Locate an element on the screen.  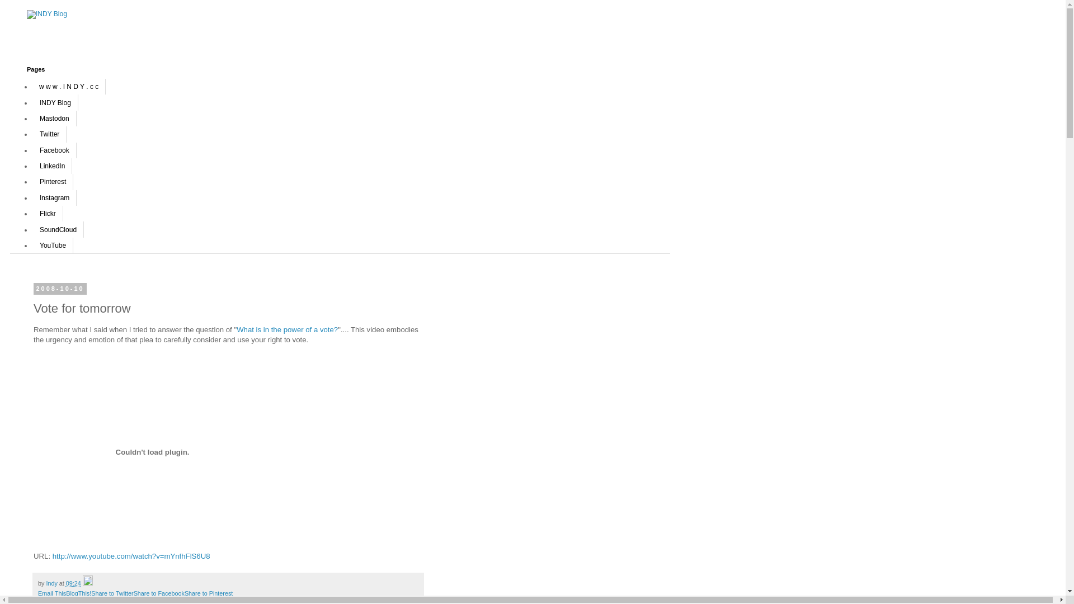
'Twitter' is located at coordinates (32, 133).